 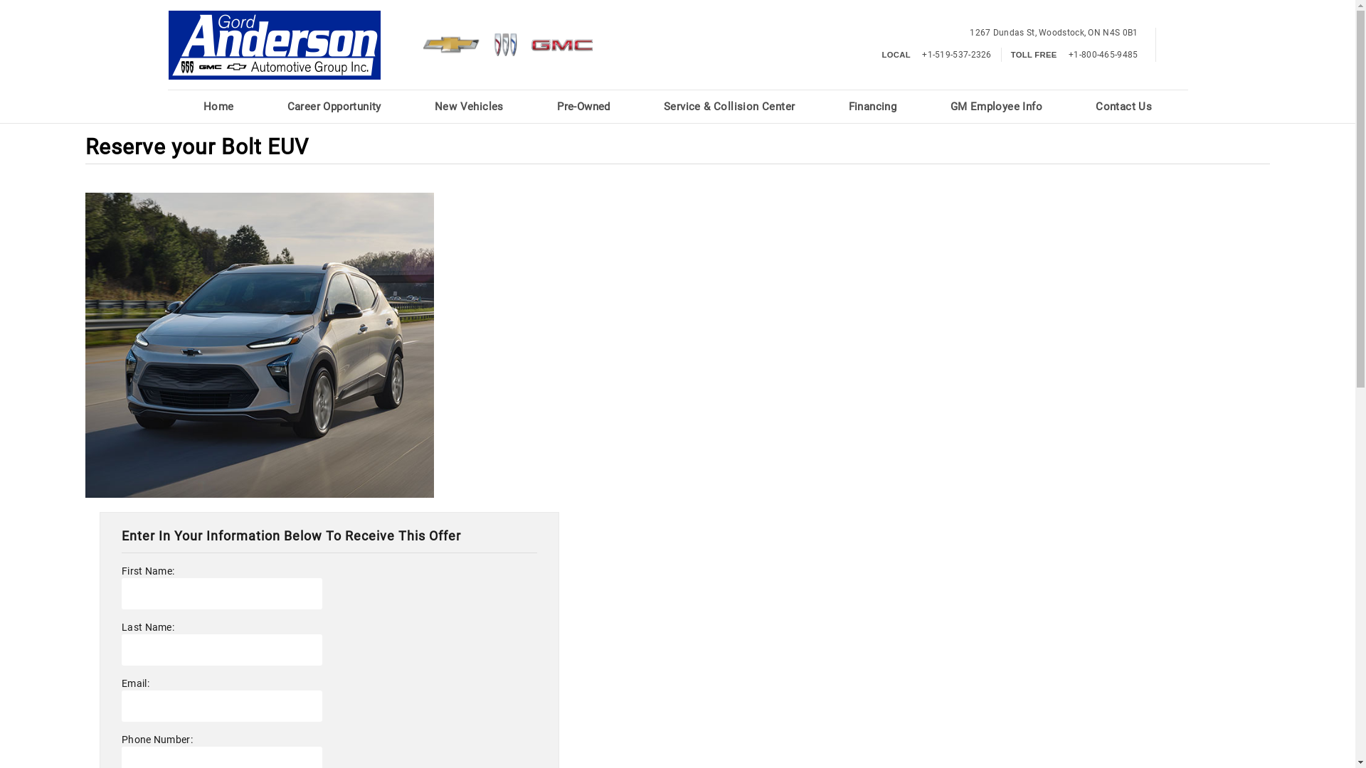 What do you see at coordinates (583, 106) in the screenshot?
I see `'Pre-Owned'` at bounding box center [583, 106].